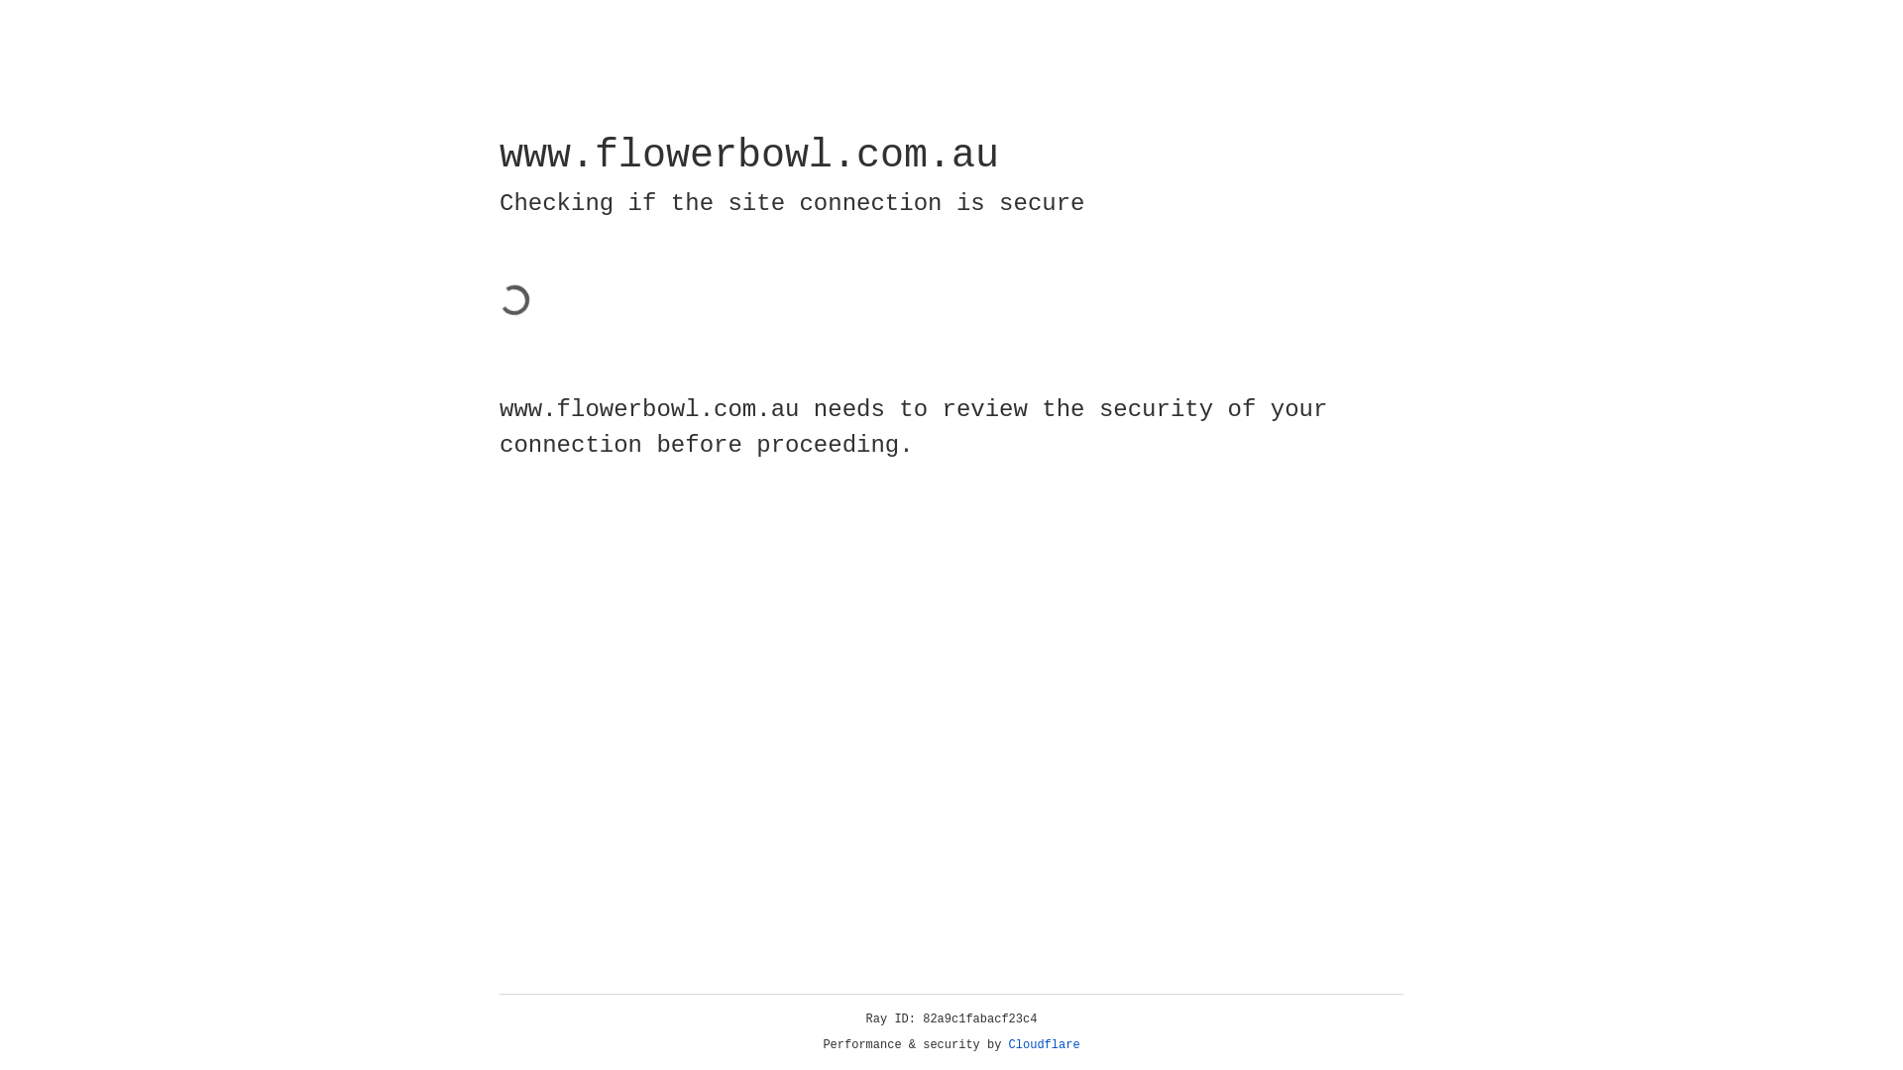 The width and height of the screenshot is (1903, 1070). What do you see at coordinates (1044, 1044) in the screenshot?
I see `'Cloudflare'` at bounding box center [1044, 1044].